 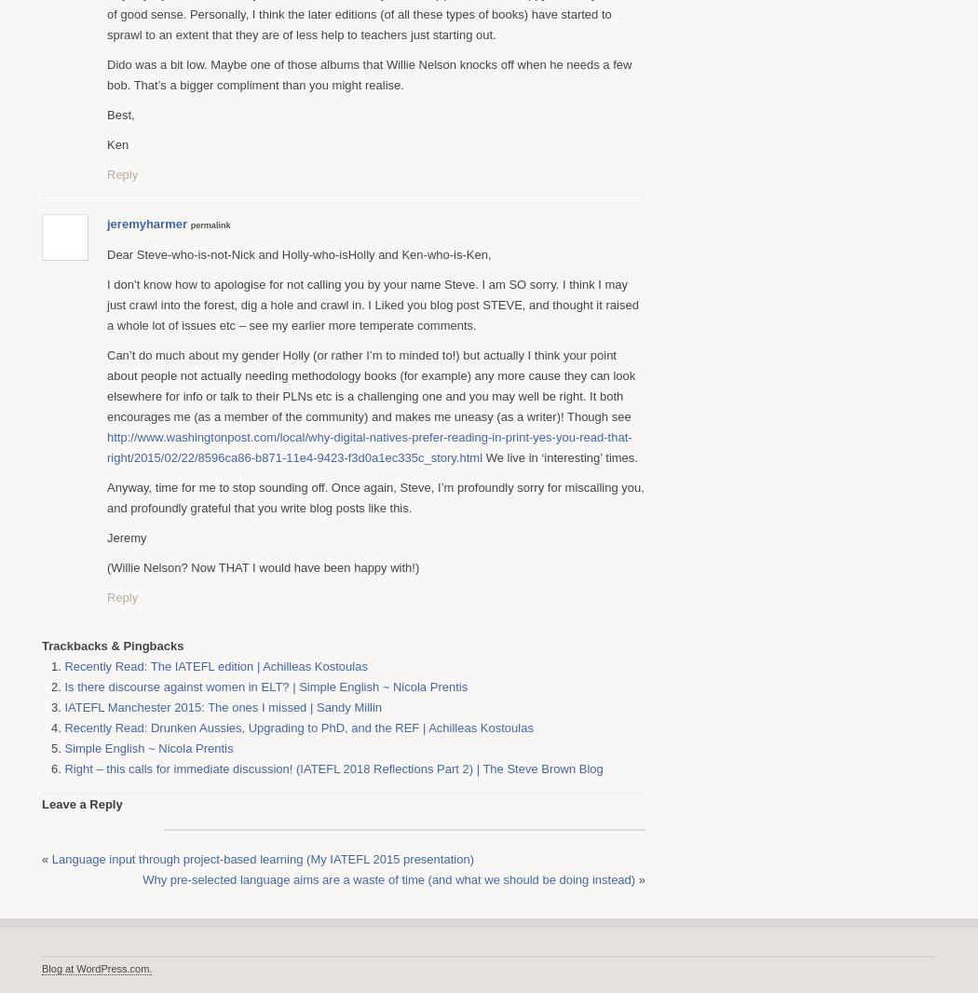 I want to click on '(Willie Nelson? Now THAT I would have been happy with!)', so click(x=105, y=565).